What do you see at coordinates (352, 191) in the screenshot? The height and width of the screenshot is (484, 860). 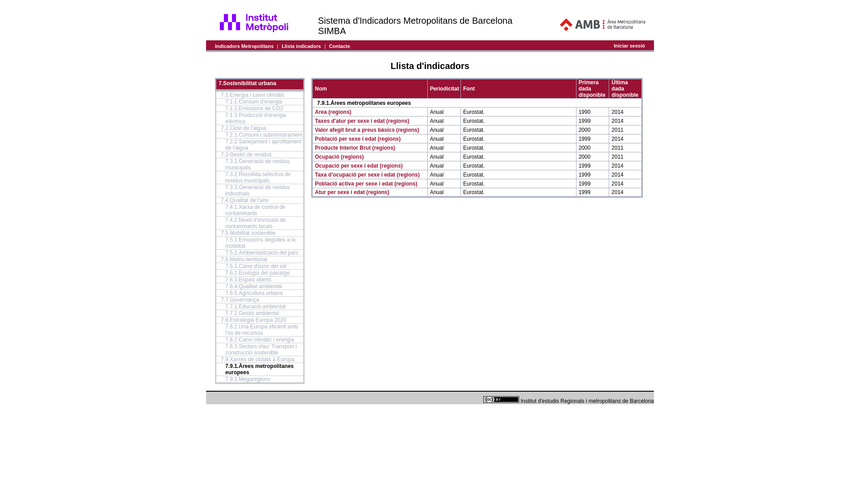 I see `'Atur per sexe i edat (regions)'` at bounding box center [352, 191].